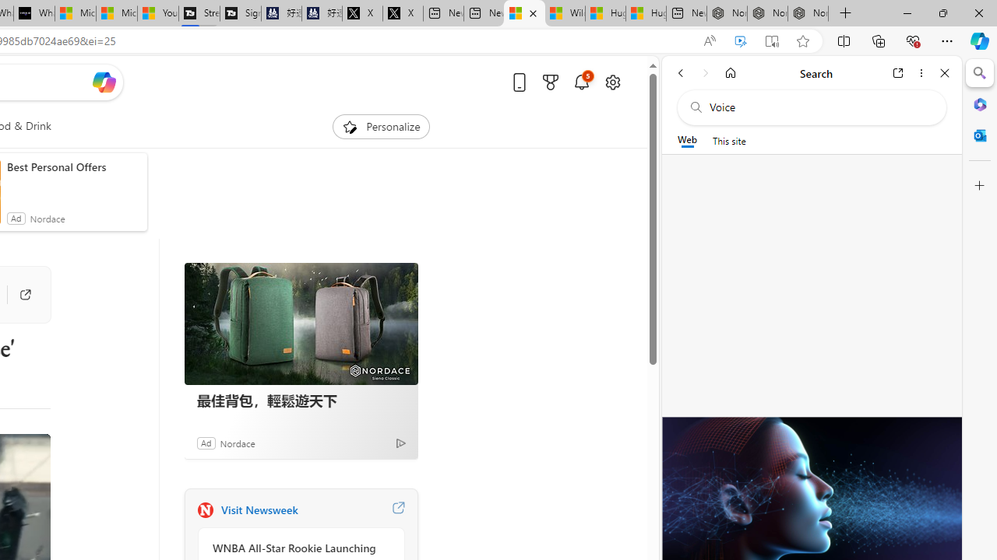  What do you see at coordinates (979, 135) in the screenshot?
I see `'Outlook'` at bounding box center [979, 135].